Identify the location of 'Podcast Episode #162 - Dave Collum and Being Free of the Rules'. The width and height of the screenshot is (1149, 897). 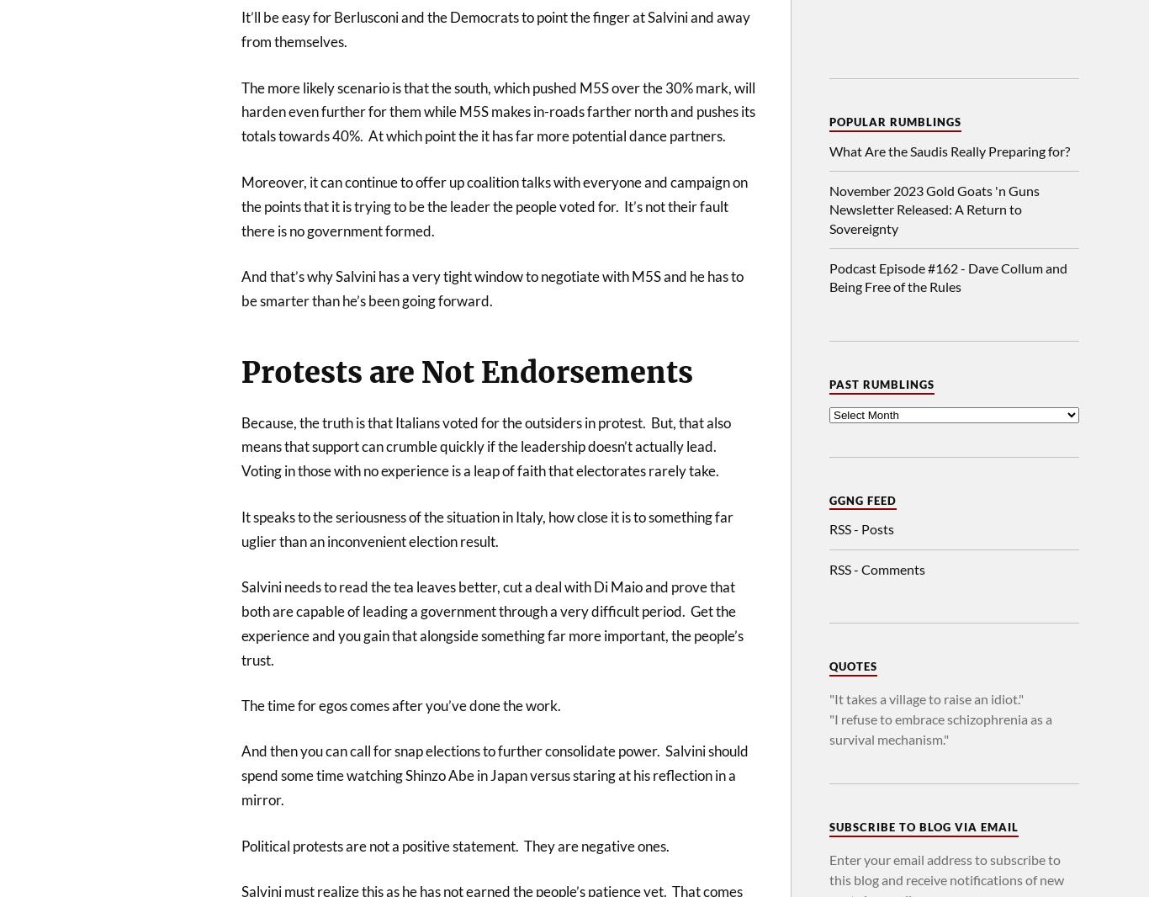
(947, 277).